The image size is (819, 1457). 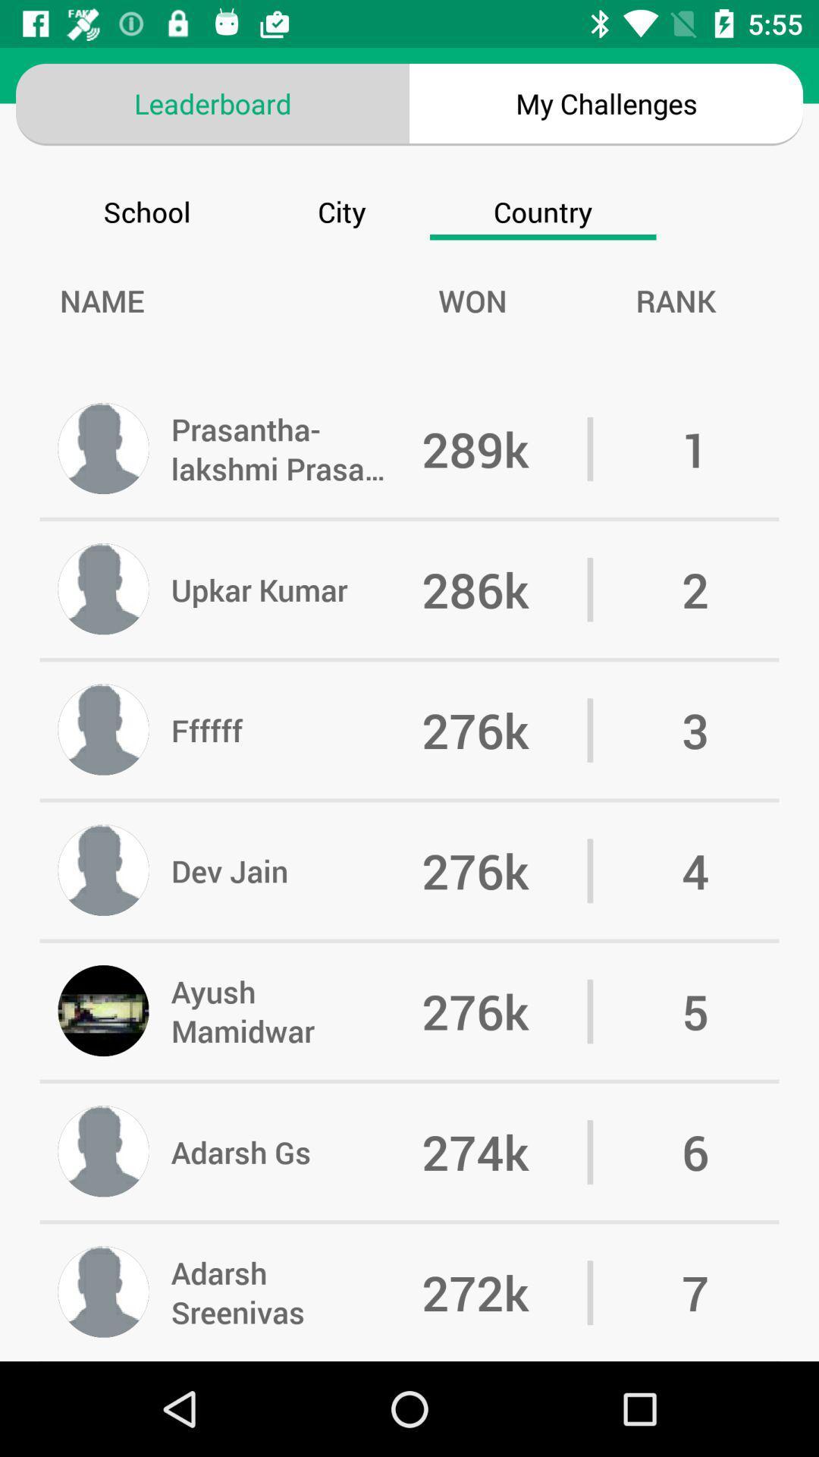 I want to click on leaderboard, so click(x=212, y=102).